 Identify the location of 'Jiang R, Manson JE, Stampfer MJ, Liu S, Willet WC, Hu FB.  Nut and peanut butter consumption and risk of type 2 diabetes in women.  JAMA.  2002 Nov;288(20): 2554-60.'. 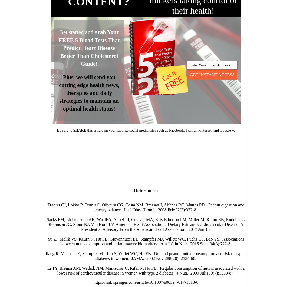
(45, 256).